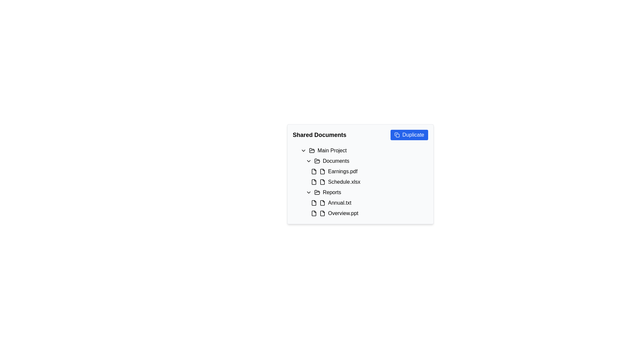  I want to click on the SVG file icon representing 'Annual.txt' in the 'Reports' section of the 'Shared Documents' interface, so click(314, 203).